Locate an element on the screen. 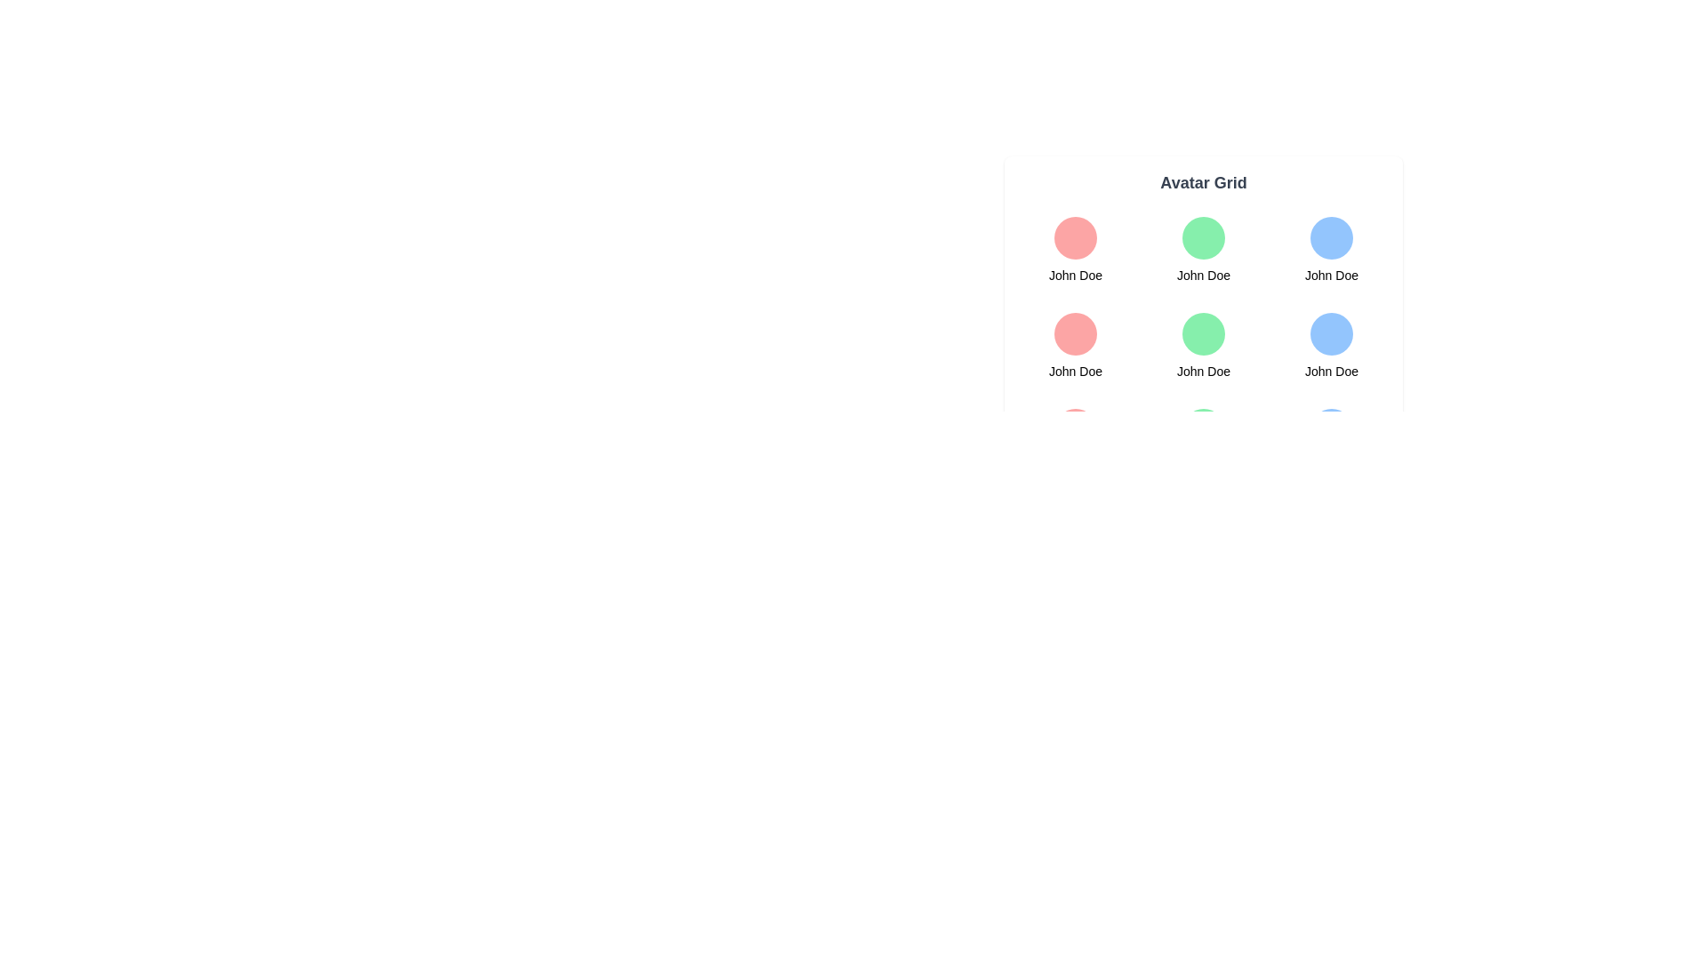  name displayed on the text label associated with the third avatar from the top-right in the layout, positioned below the circular avatar component is located at coordinates (1331, 370).